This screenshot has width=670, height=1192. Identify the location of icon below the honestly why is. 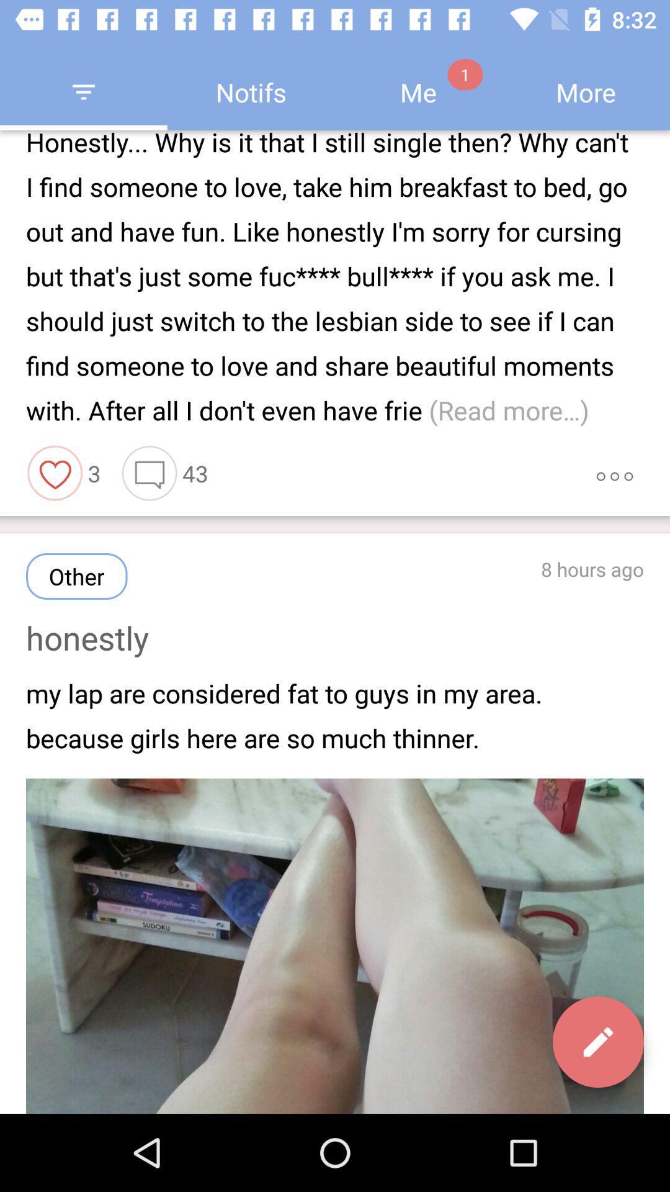
(55, 472).